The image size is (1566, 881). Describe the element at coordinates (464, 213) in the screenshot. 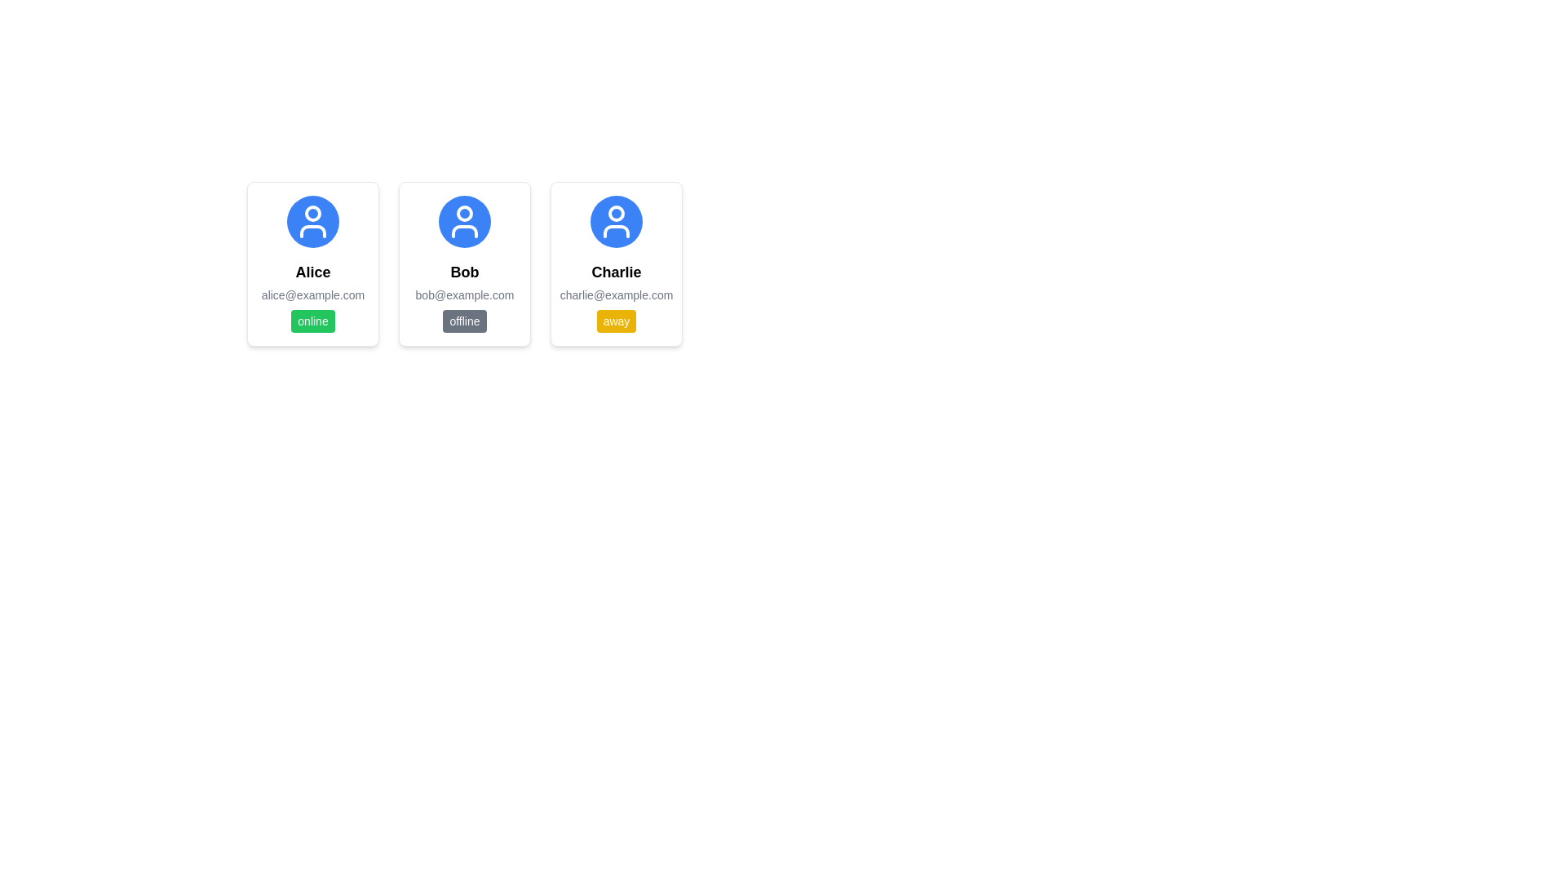

I see `the decorative circle SVG element that represents the user's head in the user profile icon located in the middle card (Bob)` at that location.